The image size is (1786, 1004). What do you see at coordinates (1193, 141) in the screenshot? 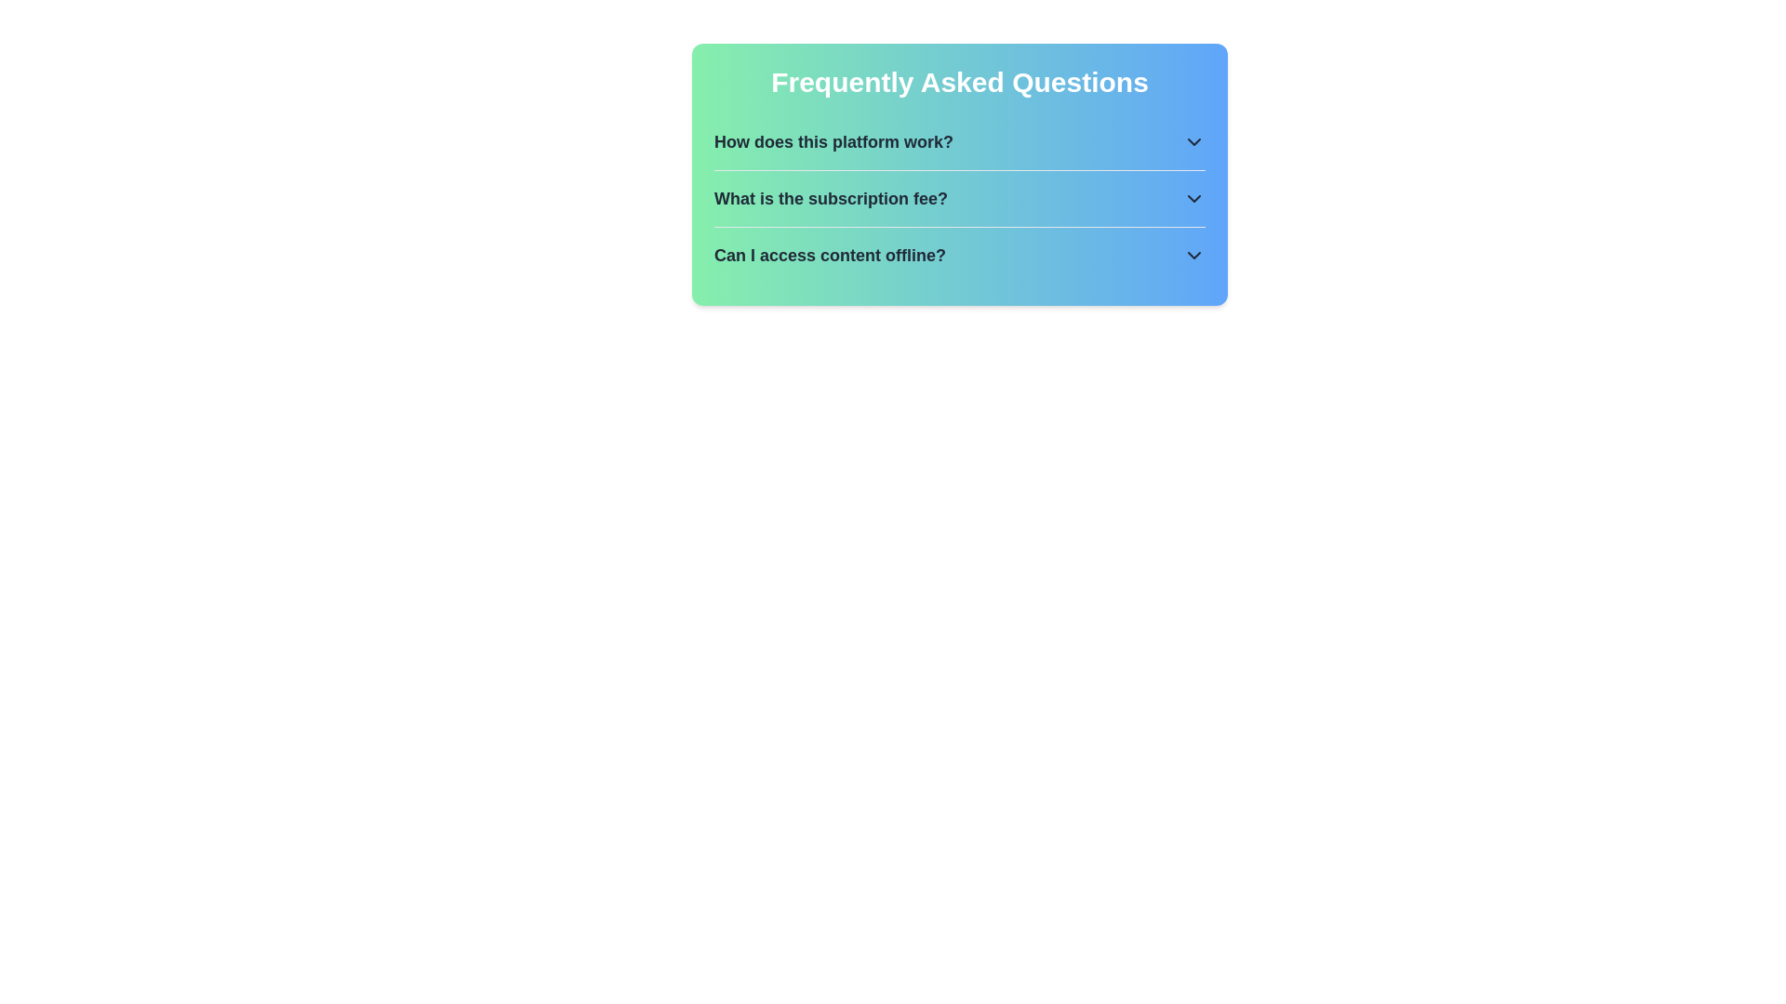
I see `the downward-pointing chevron icon located on the right edge of the question labeled 'How does this platform work?'` at bounding box center [1193, 141].